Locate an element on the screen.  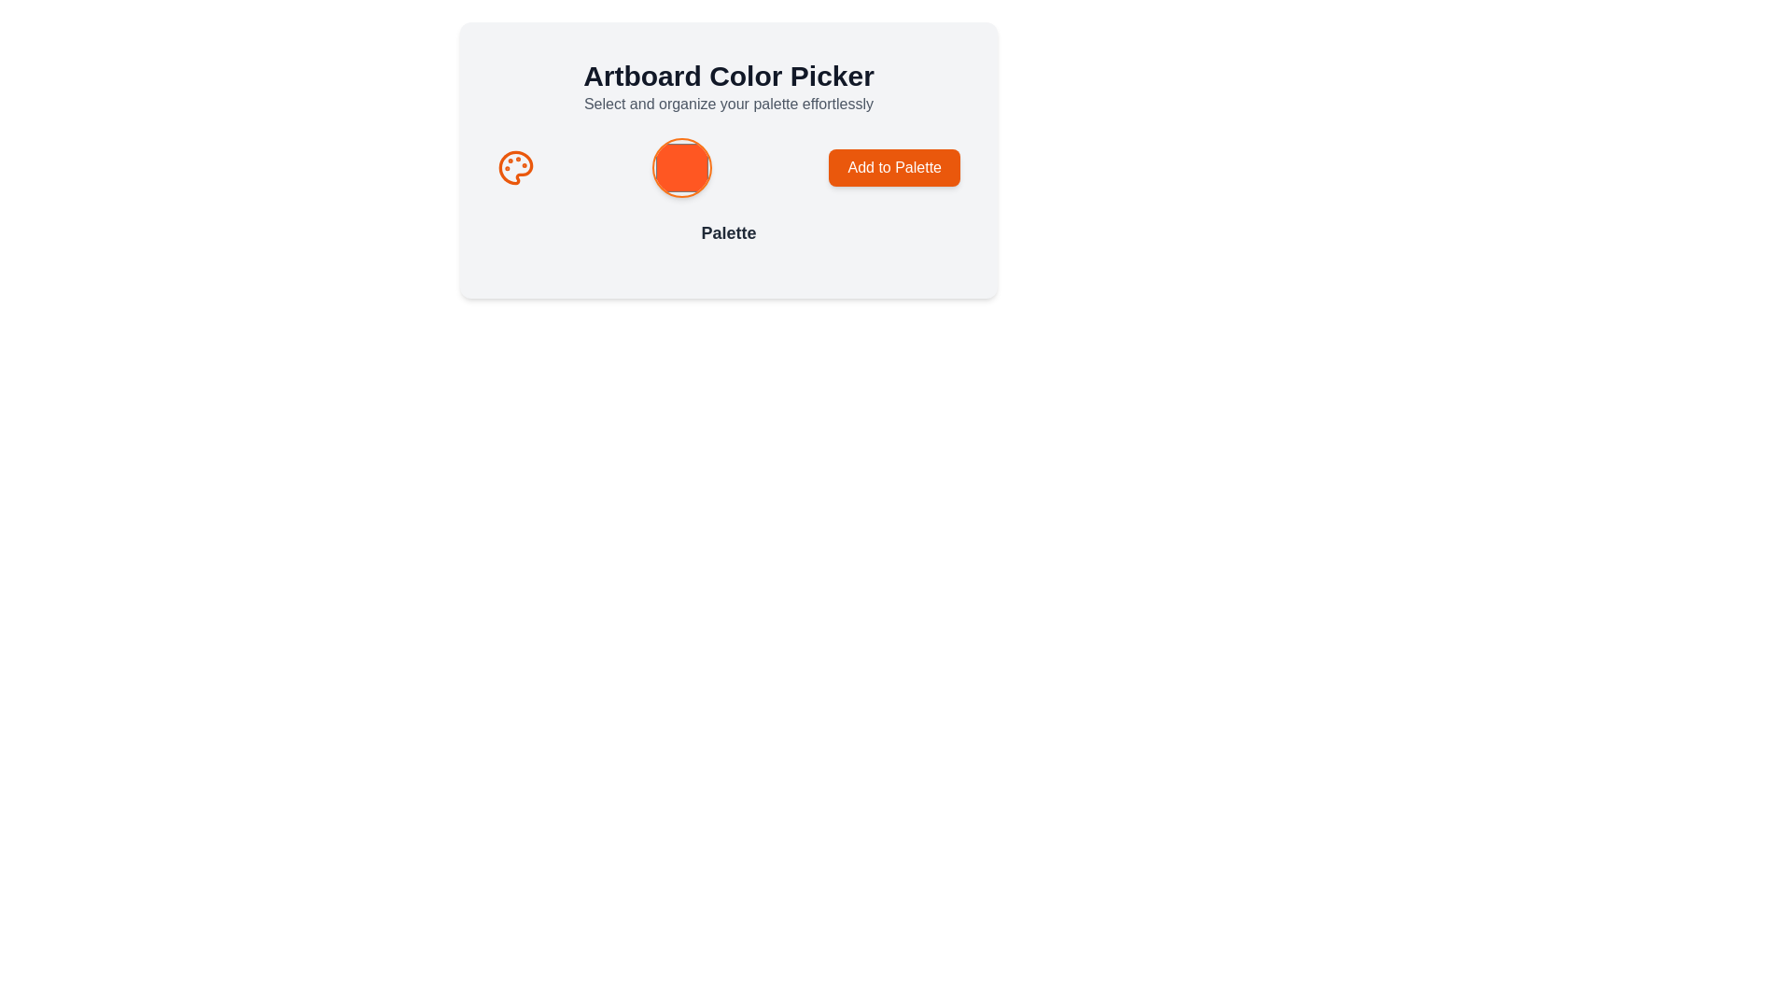
the informational text label located below the 'Artboard Color Picker' title, which describes the functionality or purpose of the associated content is located at coordinates (728, 104).